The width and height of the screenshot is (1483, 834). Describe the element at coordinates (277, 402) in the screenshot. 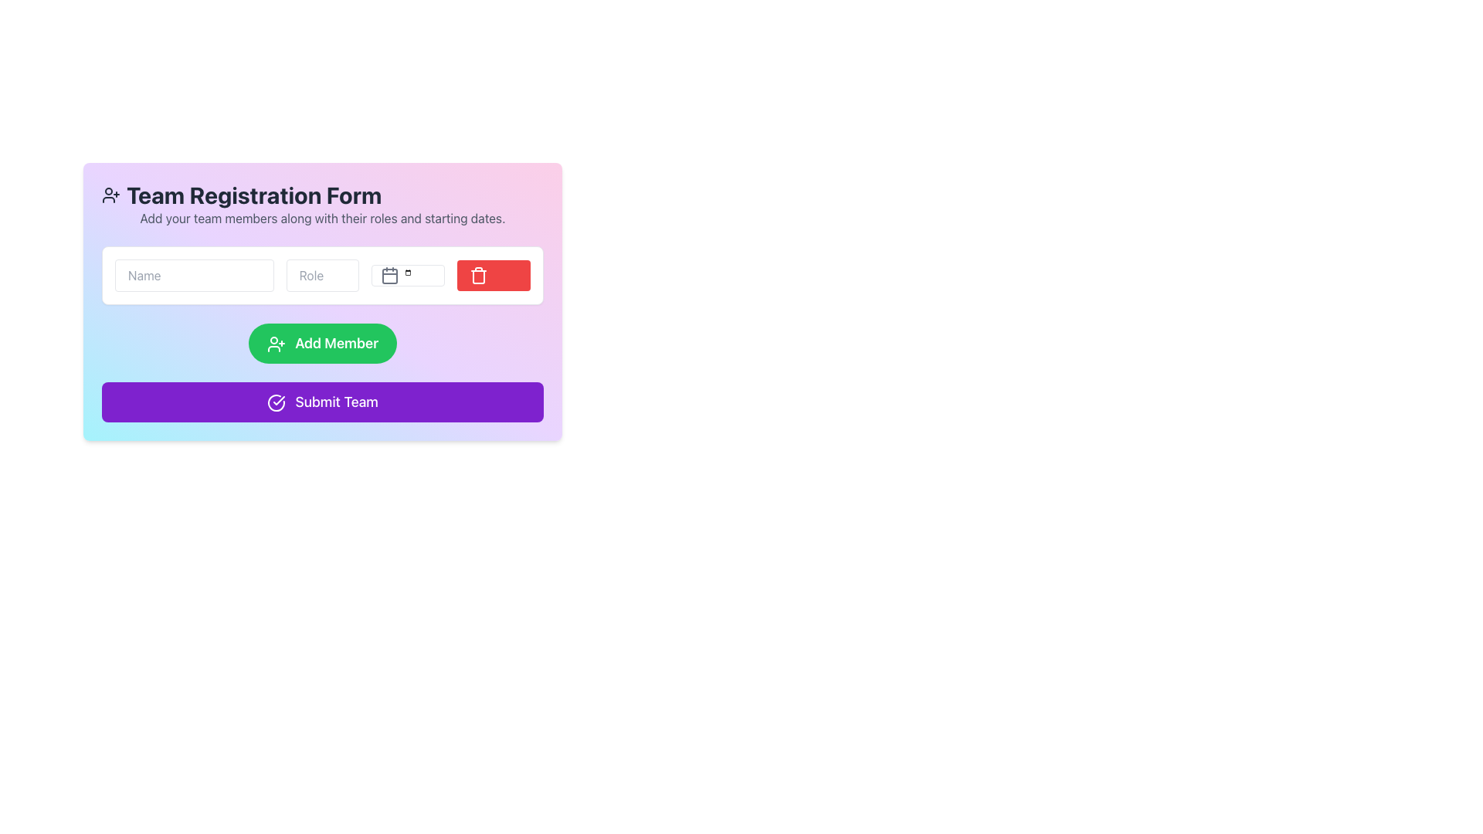

I see `the circular check icon with a purple stroke that is located to the left of the 'Submit Team' text within the large purple button at the bottom of the form` at that location.